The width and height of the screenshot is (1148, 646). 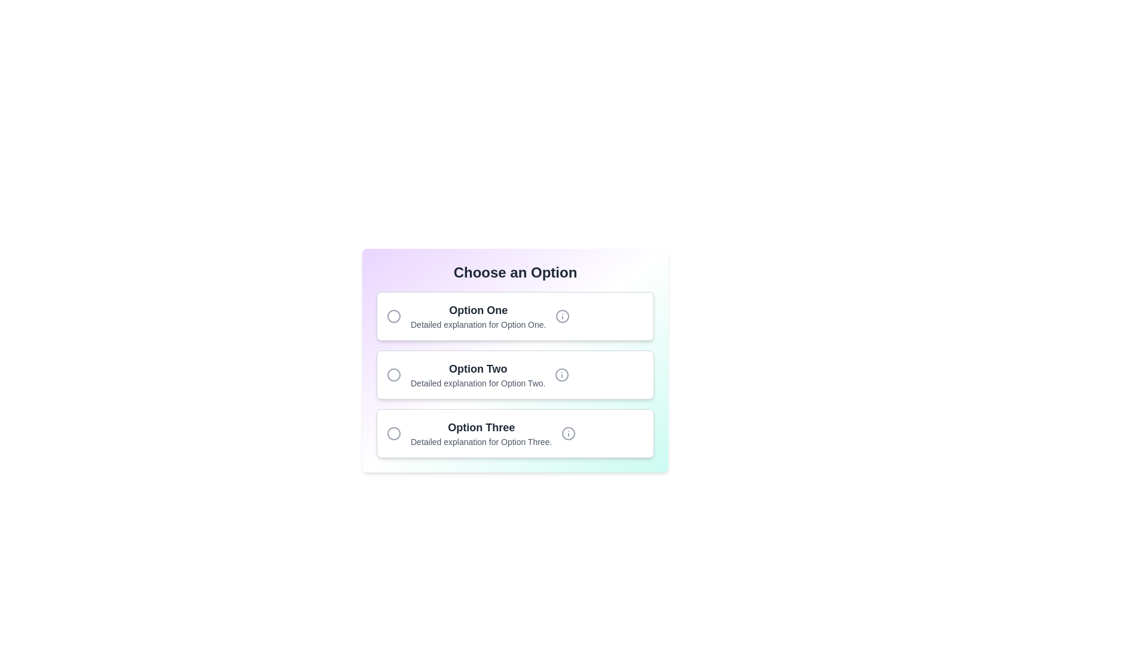 What do you see at coordinates (481, 442) in the screenshot?
I see `the text label containing 'Detailed explanation for Option Three.', which is positioned directly below the bold header 'Option Three'` at bounding box center [481, 442].